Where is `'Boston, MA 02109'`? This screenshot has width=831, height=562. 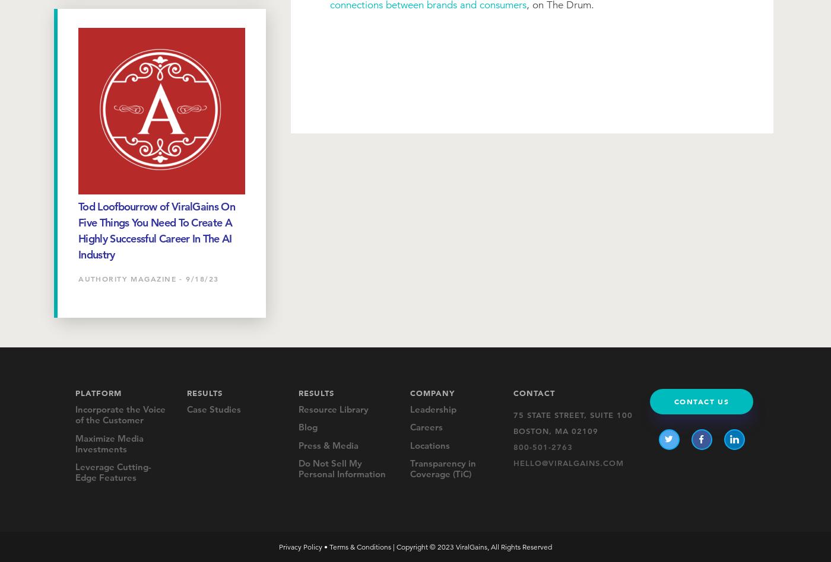
'Boston, MA 02109' is located at coordinates (554, 430).